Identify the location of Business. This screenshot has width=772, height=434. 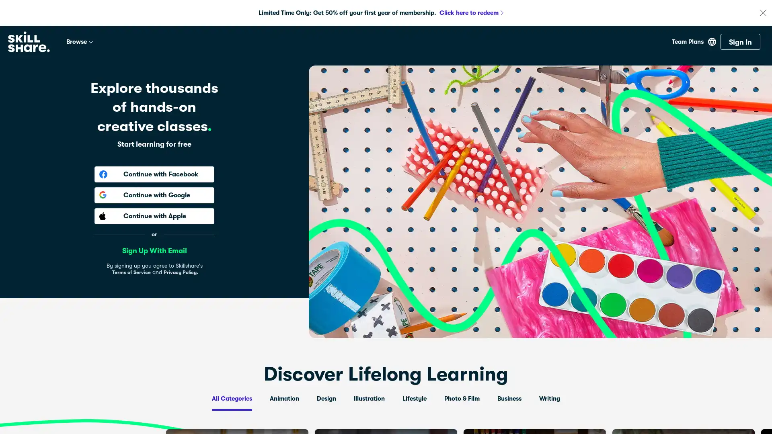
(509, 401).